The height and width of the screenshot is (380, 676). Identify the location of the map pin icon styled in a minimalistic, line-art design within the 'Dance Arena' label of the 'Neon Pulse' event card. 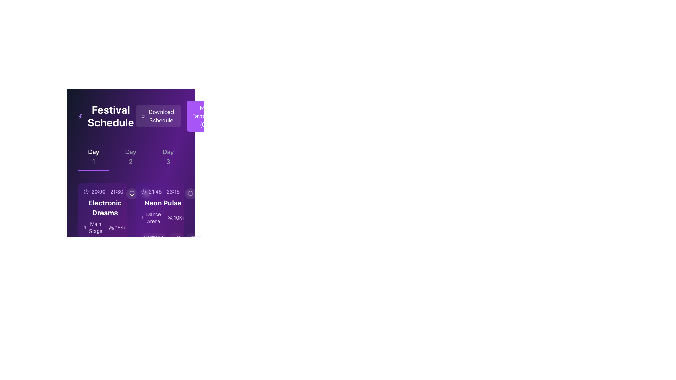
(142, 217).